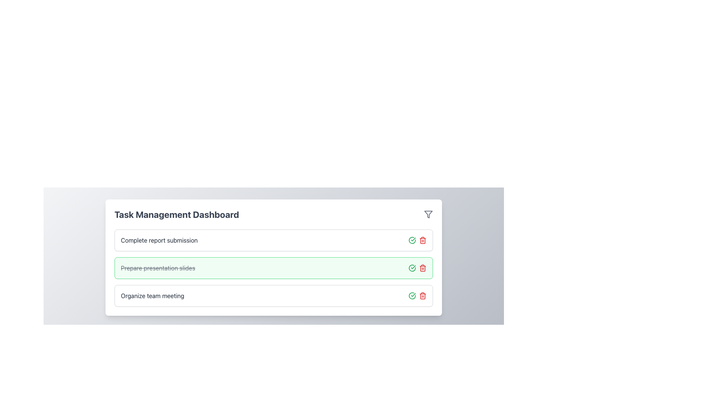 This screenshot has width=721, height=405. Describe the element at coordinates (428, 214) in the screenshot. I see `the filter toggle icon located on the far right of the header section of the dashboard, adjacent to the 'Task Management Dashboard' title` at that location.